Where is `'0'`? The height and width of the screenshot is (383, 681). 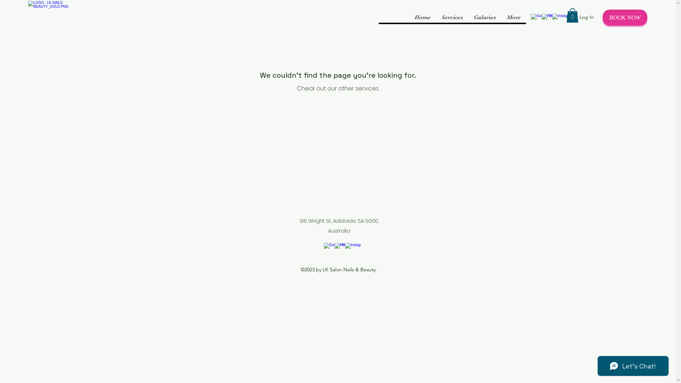
'0' is located at coordinates (566, 15).